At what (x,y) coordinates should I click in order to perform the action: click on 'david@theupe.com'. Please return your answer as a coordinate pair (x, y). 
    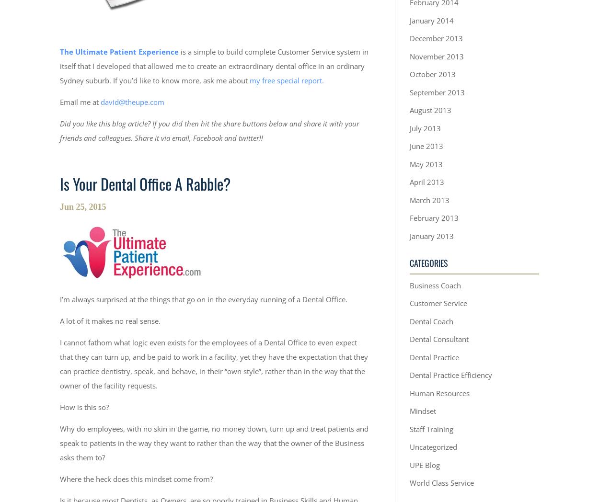
    Looking at the image, I should click on (132, 101).